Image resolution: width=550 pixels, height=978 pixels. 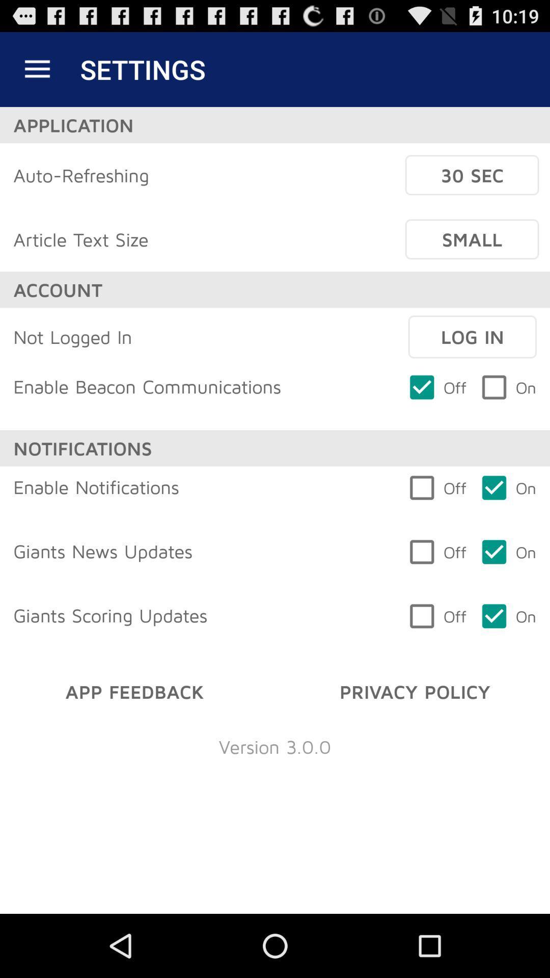 What do you see at coordinates (472, 337) in the screenshot?
I see `item to the right of not logged in item` at bounding box center [472, 337].